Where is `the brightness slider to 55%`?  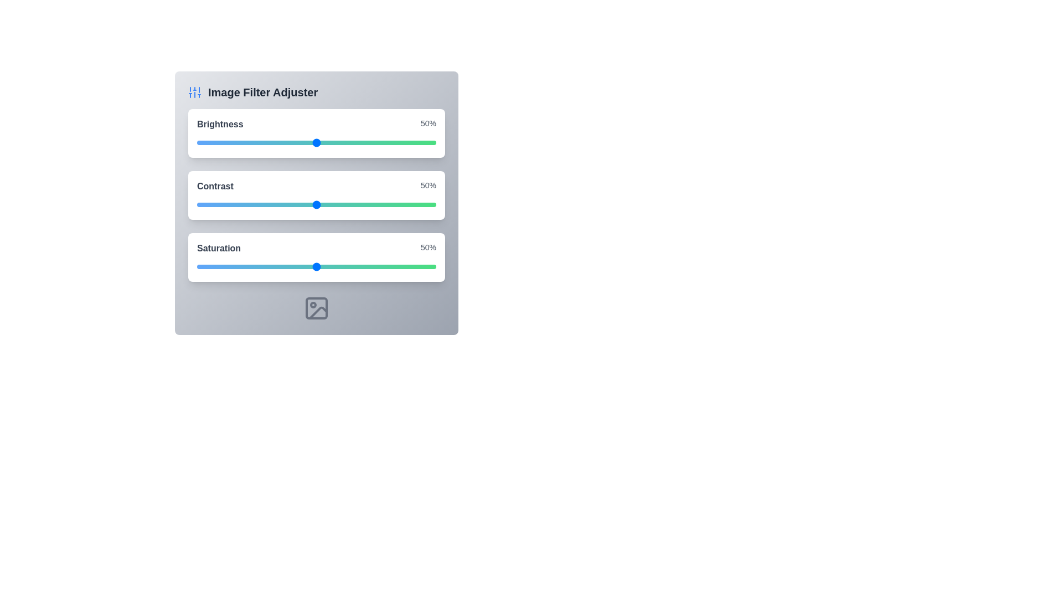
the brightness slider to 55% is located at coordinates (328, 142).